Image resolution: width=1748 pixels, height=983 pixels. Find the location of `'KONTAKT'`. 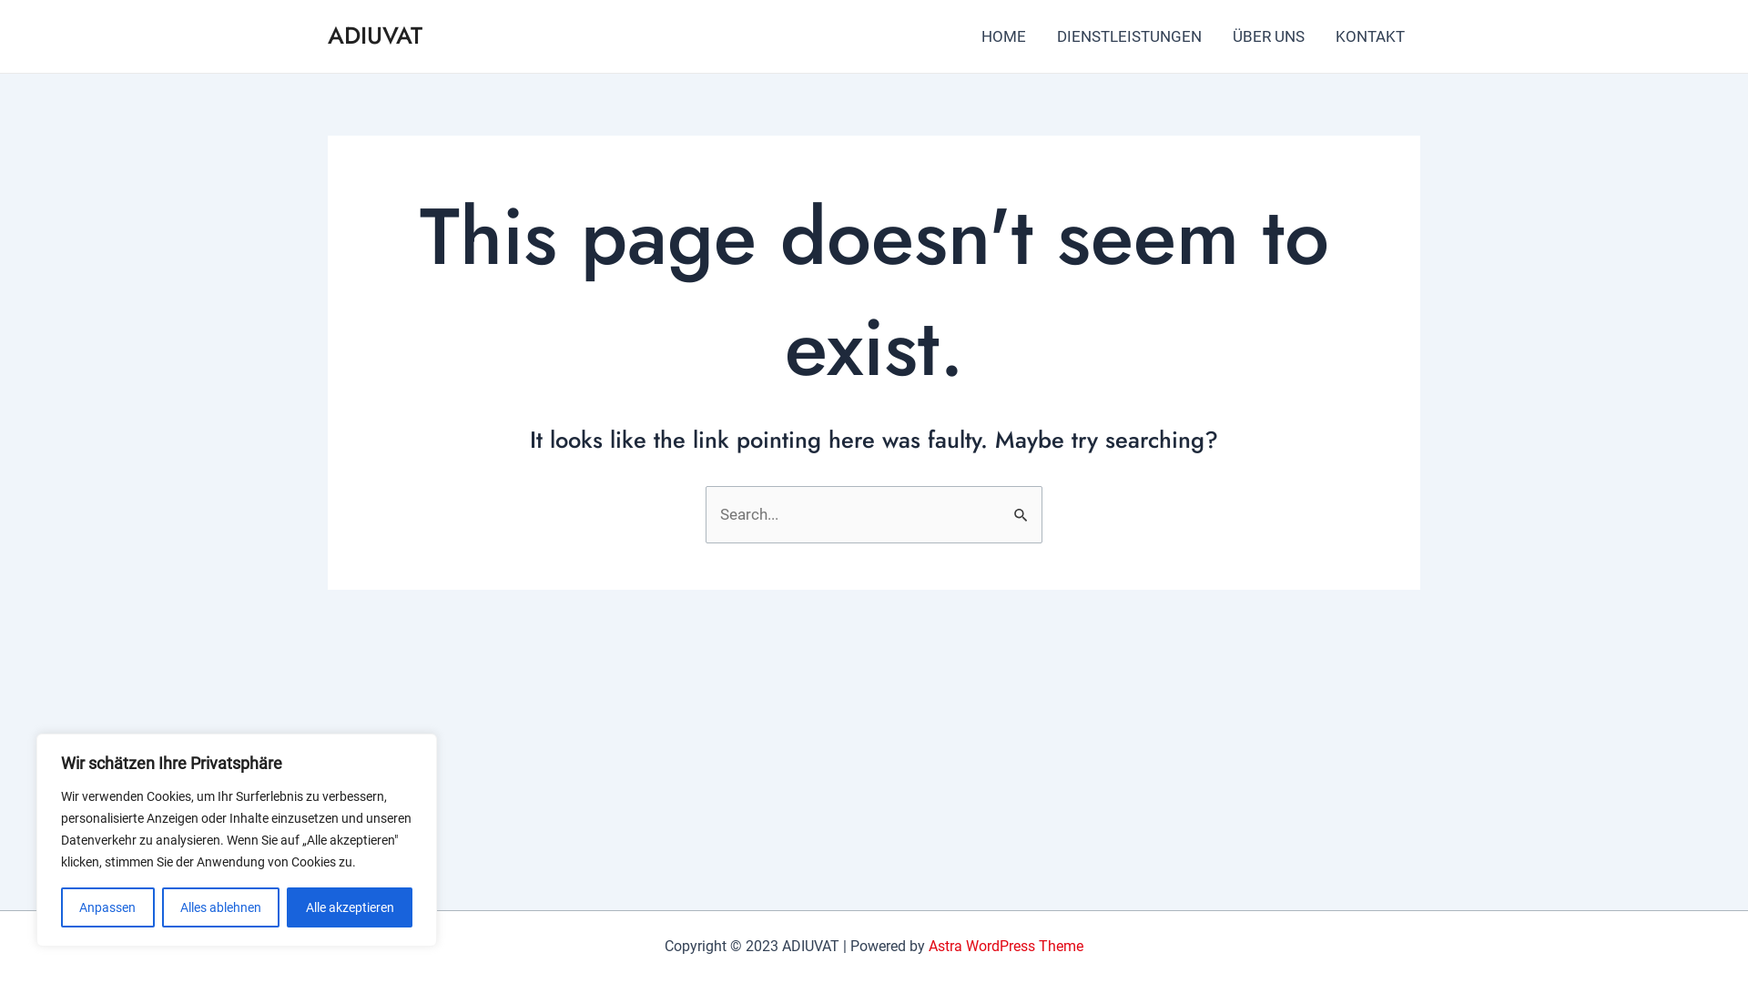

'KONTAKT' is located at coordinates (1370, 35).